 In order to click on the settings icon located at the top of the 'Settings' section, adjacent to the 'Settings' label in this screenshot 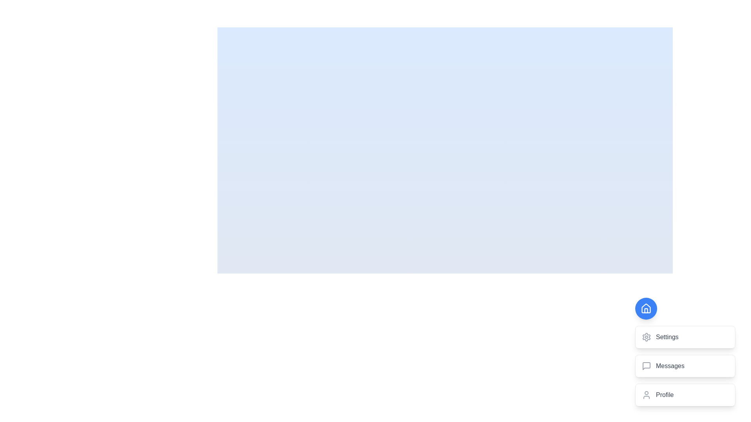, I will do `click(646, 337)`.